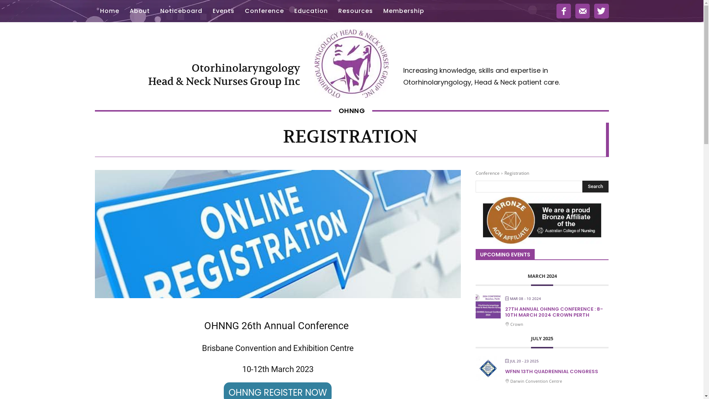 This screenshot has height=399, width=709. Describe the element at coordinates (223, 11) in the screenshot. I see `'Events'` at that location.